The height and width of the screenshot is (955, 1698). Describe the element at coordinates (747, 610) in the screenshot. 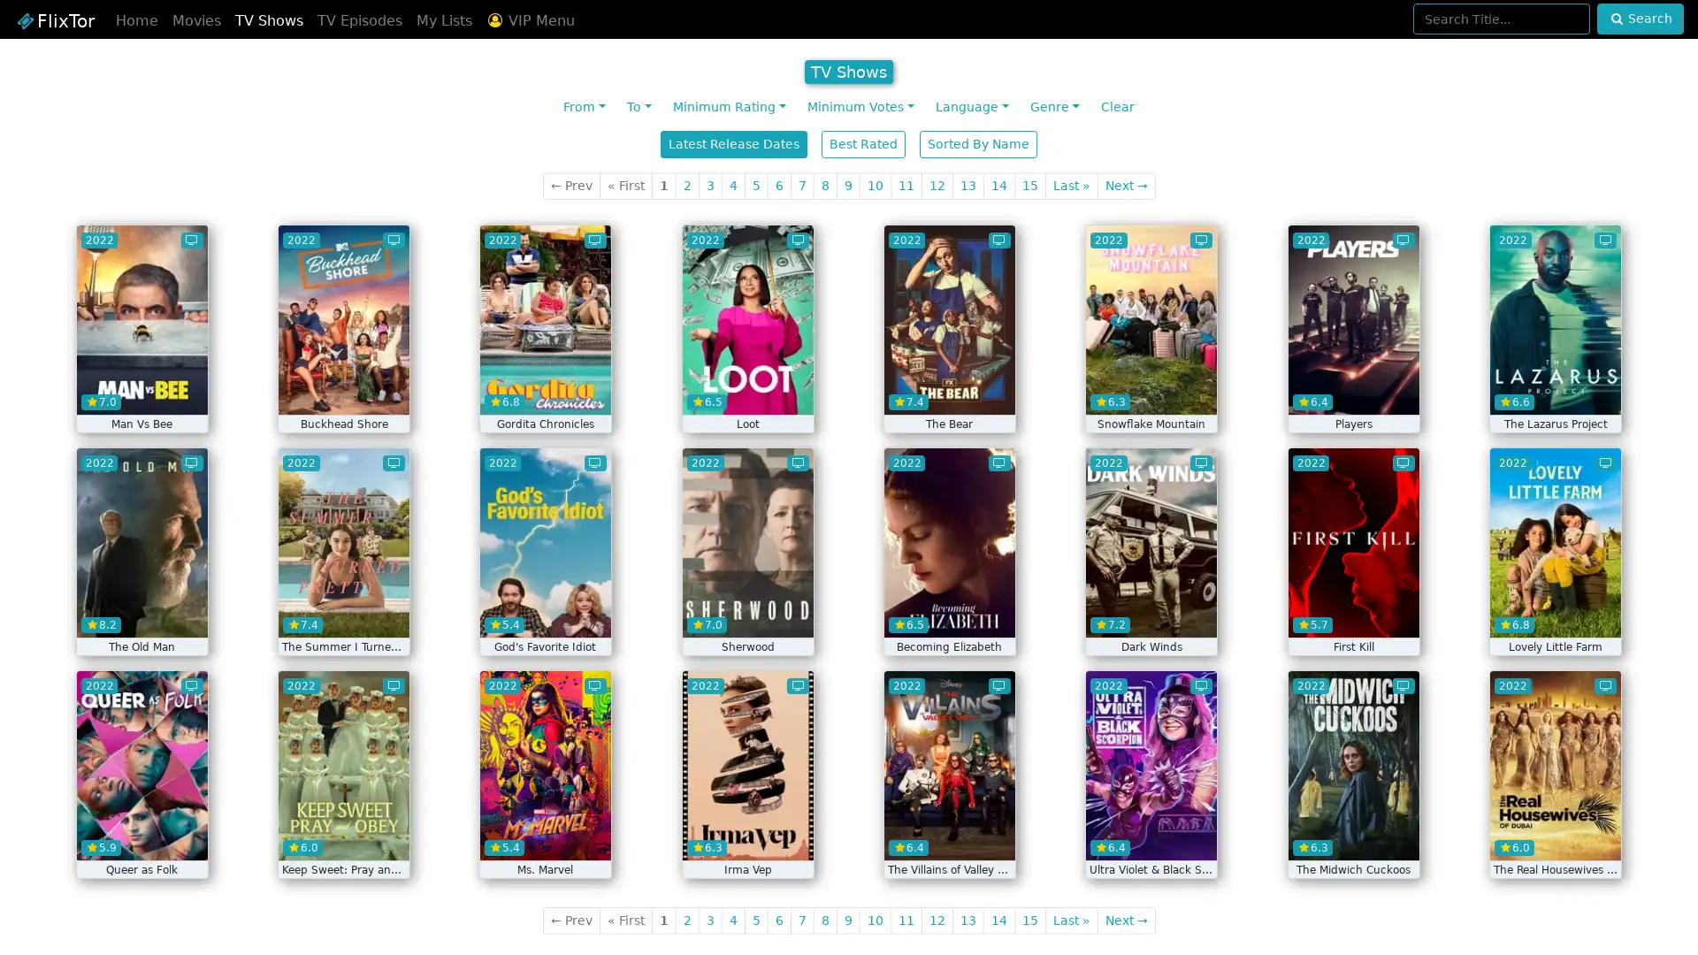

I see `Watch Now` at that location.